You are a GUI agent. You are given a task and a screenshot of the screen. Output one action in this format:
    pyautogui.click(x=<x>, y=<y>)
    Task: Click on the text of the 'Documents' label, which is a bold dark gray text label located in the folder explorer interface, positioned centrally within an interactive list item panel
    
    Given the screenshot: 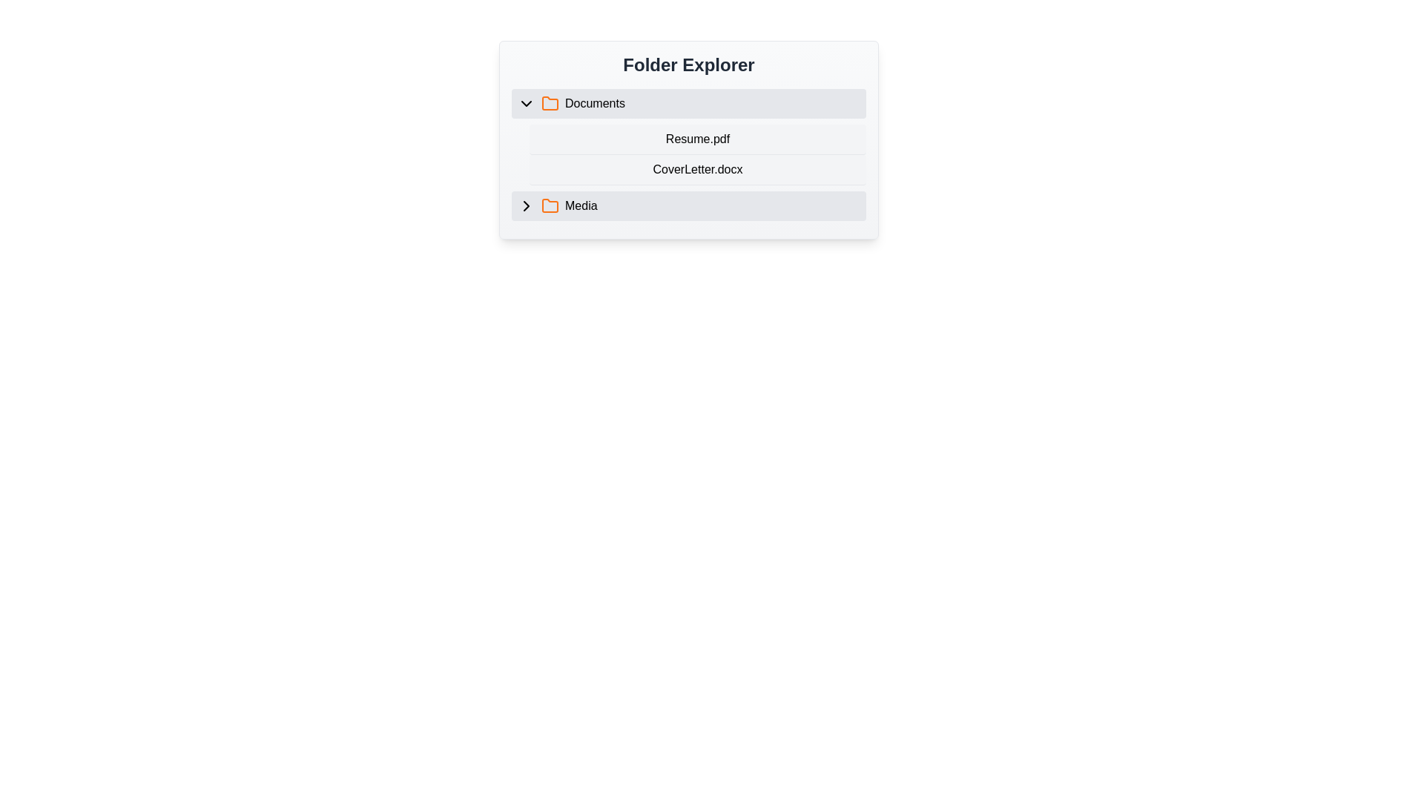 What is the action you would take?
    pyautogui.click(x=595, y=102)
    